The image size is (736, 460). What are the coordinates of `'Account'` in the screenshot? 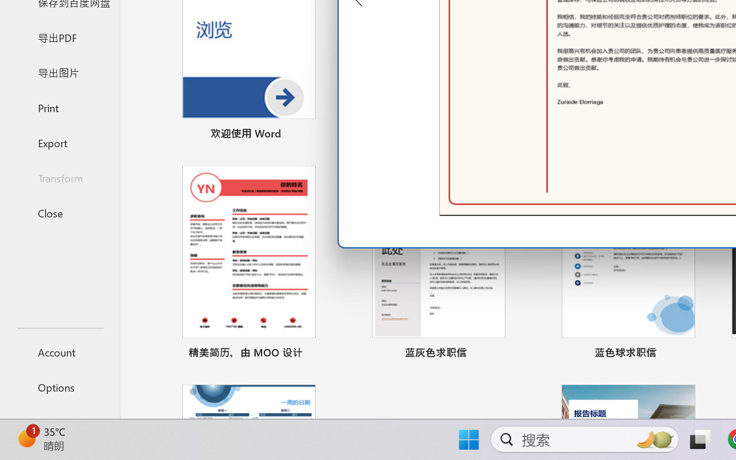 It's located at (59, 352).